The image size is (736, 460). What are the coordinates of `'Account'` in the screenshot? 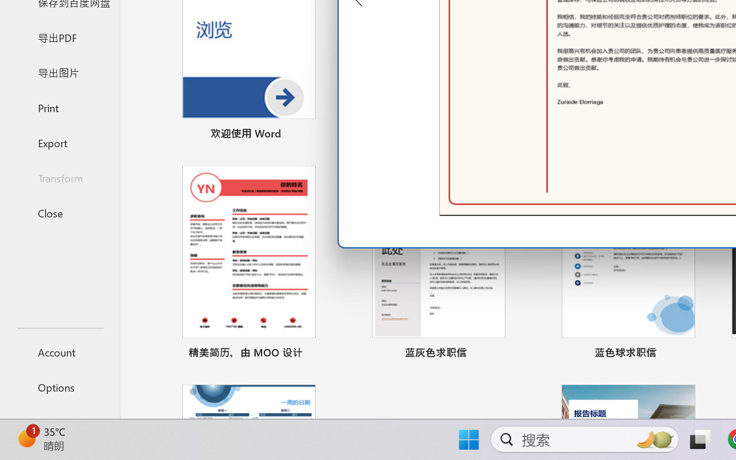 It's located at (59, 352).